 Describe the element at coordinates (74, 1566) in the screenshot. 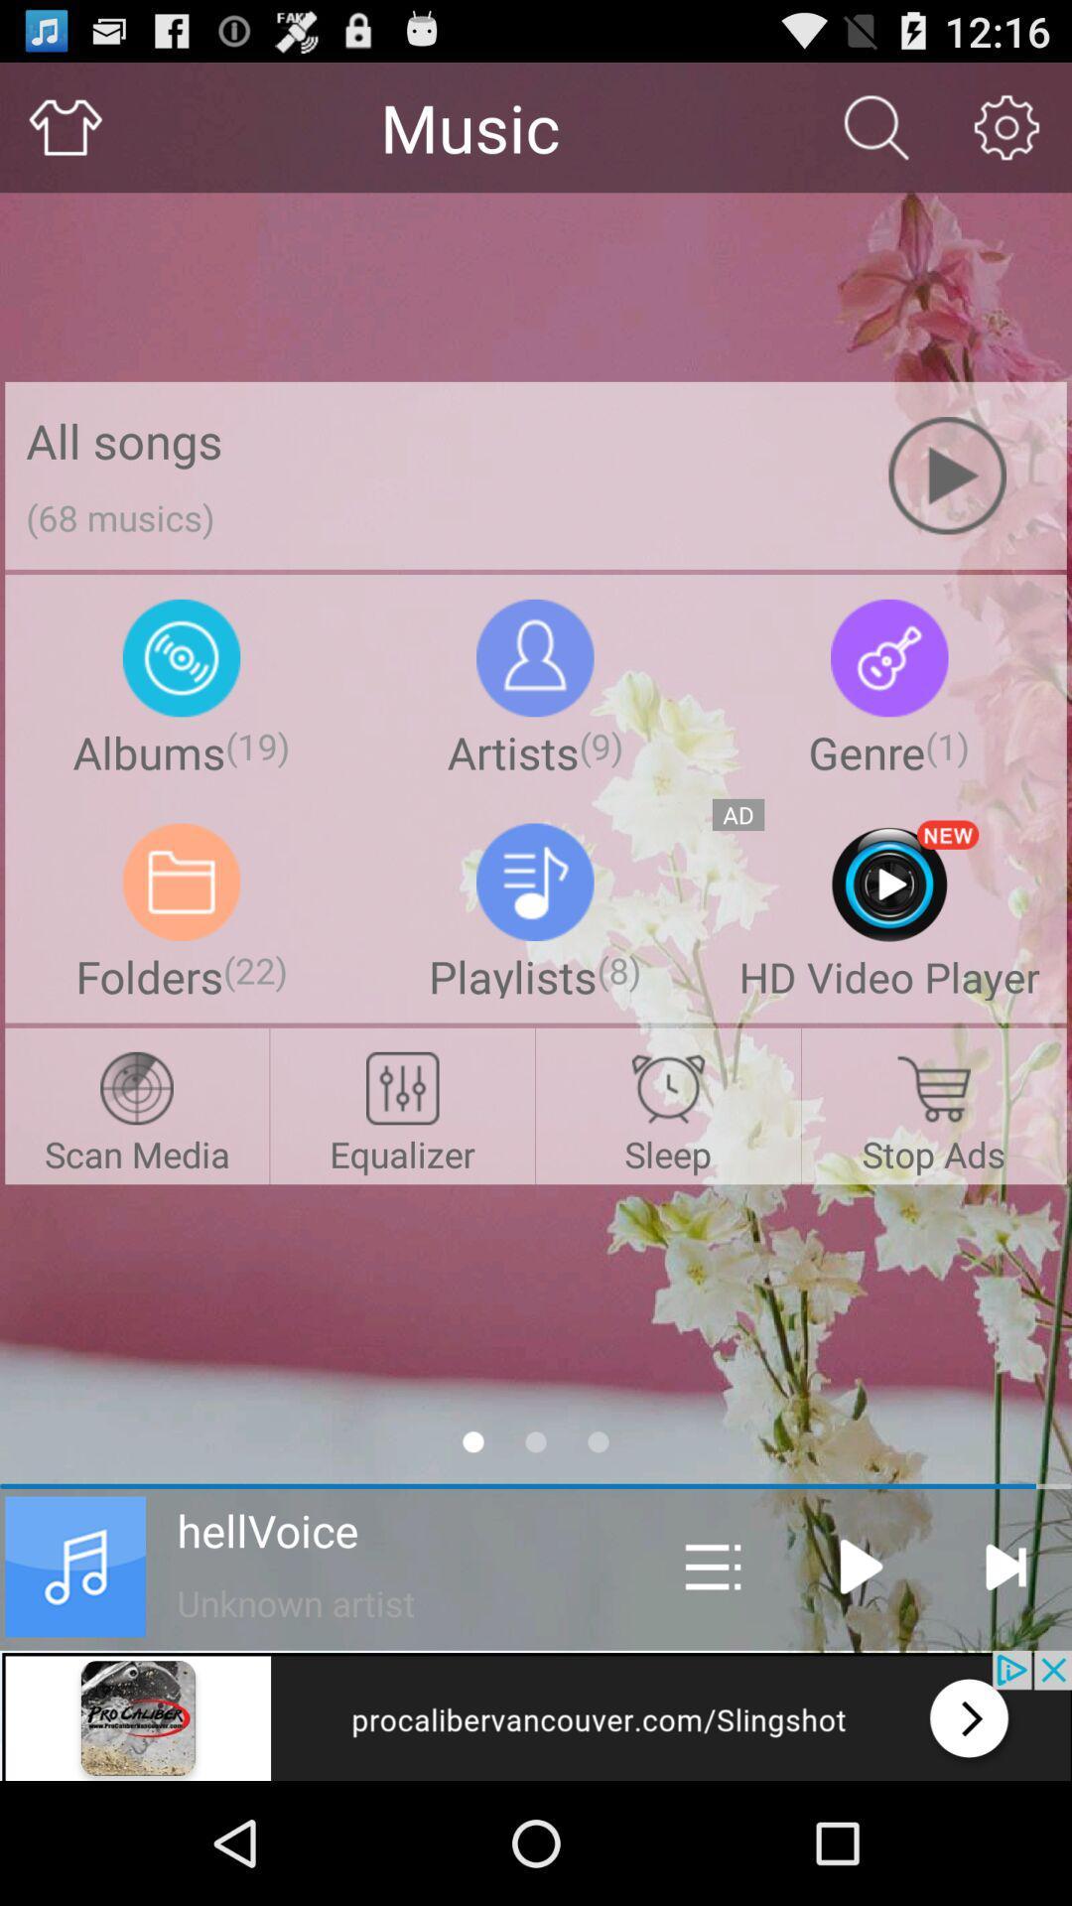

I see `the music symbol which is left to hell voice` at that location.